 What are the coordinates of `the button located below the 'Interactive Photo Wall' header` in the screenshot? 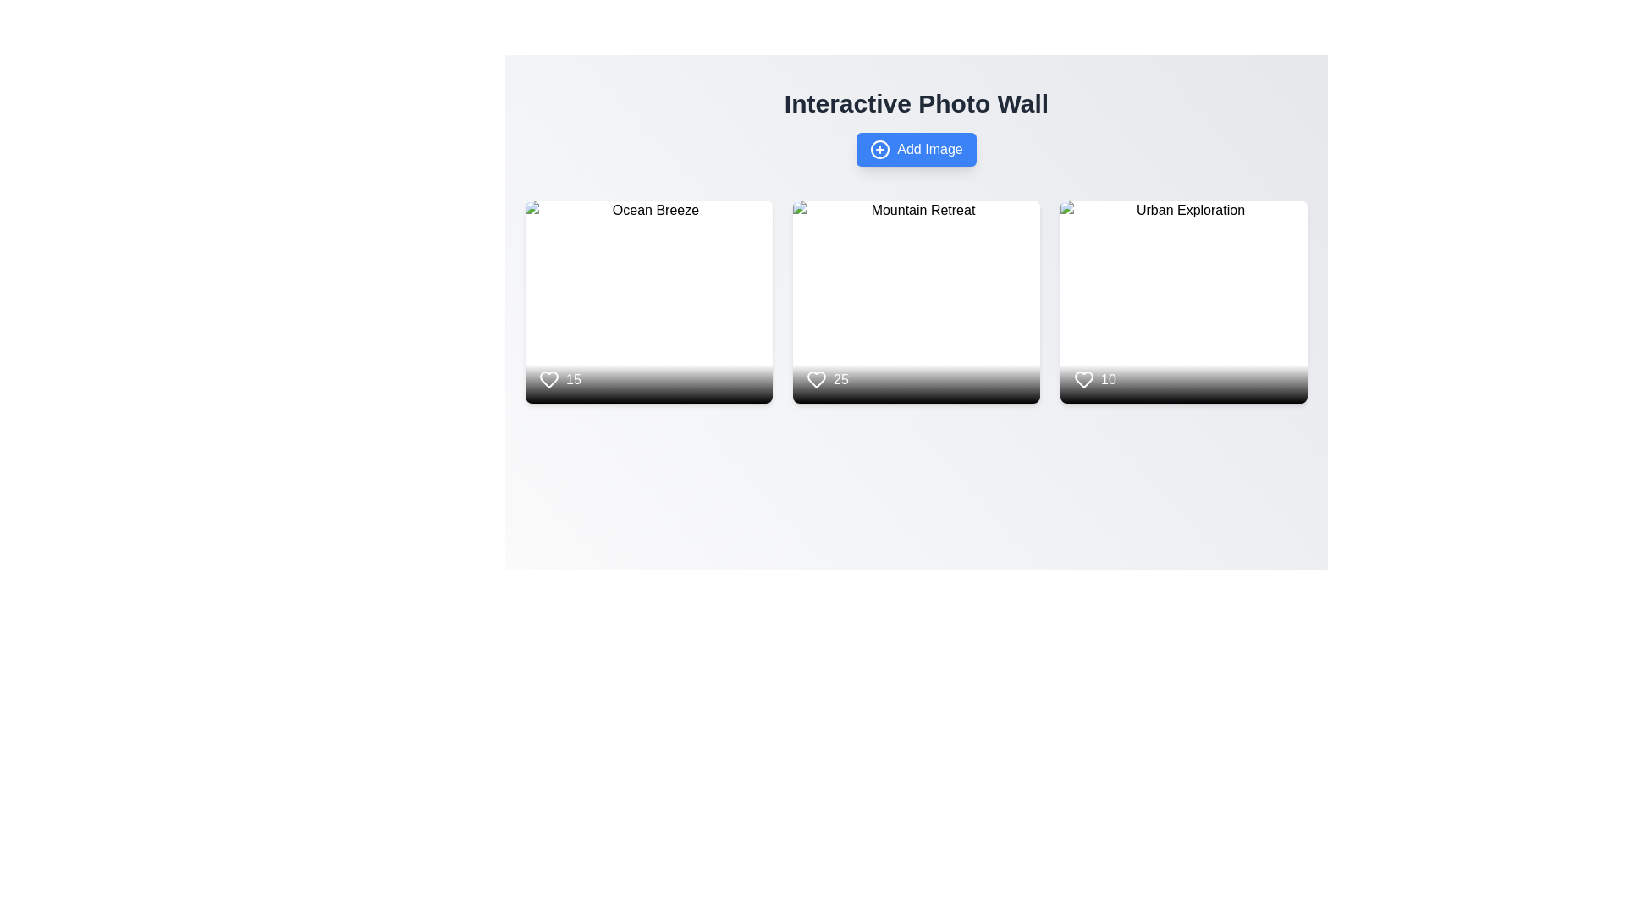 It's located at (916, 149).